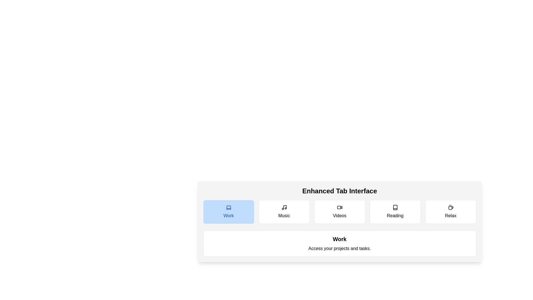 The height and width of the screenshot is (300, 533). What do you see at coordinates (284, 212) in the screenshot?
I see `the tab button labeled Music to observe its hover effect` at bounding box center [284, 212].